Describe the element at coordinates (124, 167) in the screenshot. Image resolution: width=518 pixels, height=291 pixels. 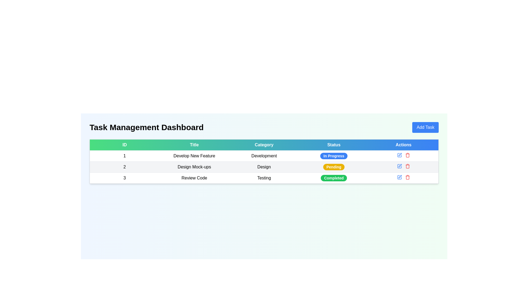
I see `the text element in the second row and first column of the table, which identifies a specific task entry, located adjacent to 'Design Mock-ups' and above '3'` at that location.